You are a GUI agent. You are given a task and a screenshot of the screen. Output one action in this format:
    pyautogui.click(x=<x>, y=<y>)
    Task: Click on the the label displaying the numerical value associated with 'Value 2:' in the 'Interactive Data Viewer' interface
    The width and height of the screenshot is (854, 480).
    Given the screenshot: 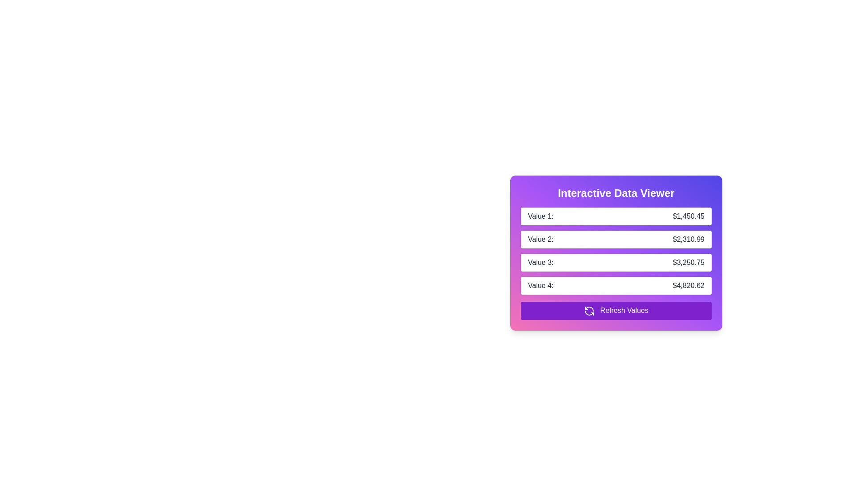 What is the action you would take?
    pyautogui.click(x=688, y=239)
    